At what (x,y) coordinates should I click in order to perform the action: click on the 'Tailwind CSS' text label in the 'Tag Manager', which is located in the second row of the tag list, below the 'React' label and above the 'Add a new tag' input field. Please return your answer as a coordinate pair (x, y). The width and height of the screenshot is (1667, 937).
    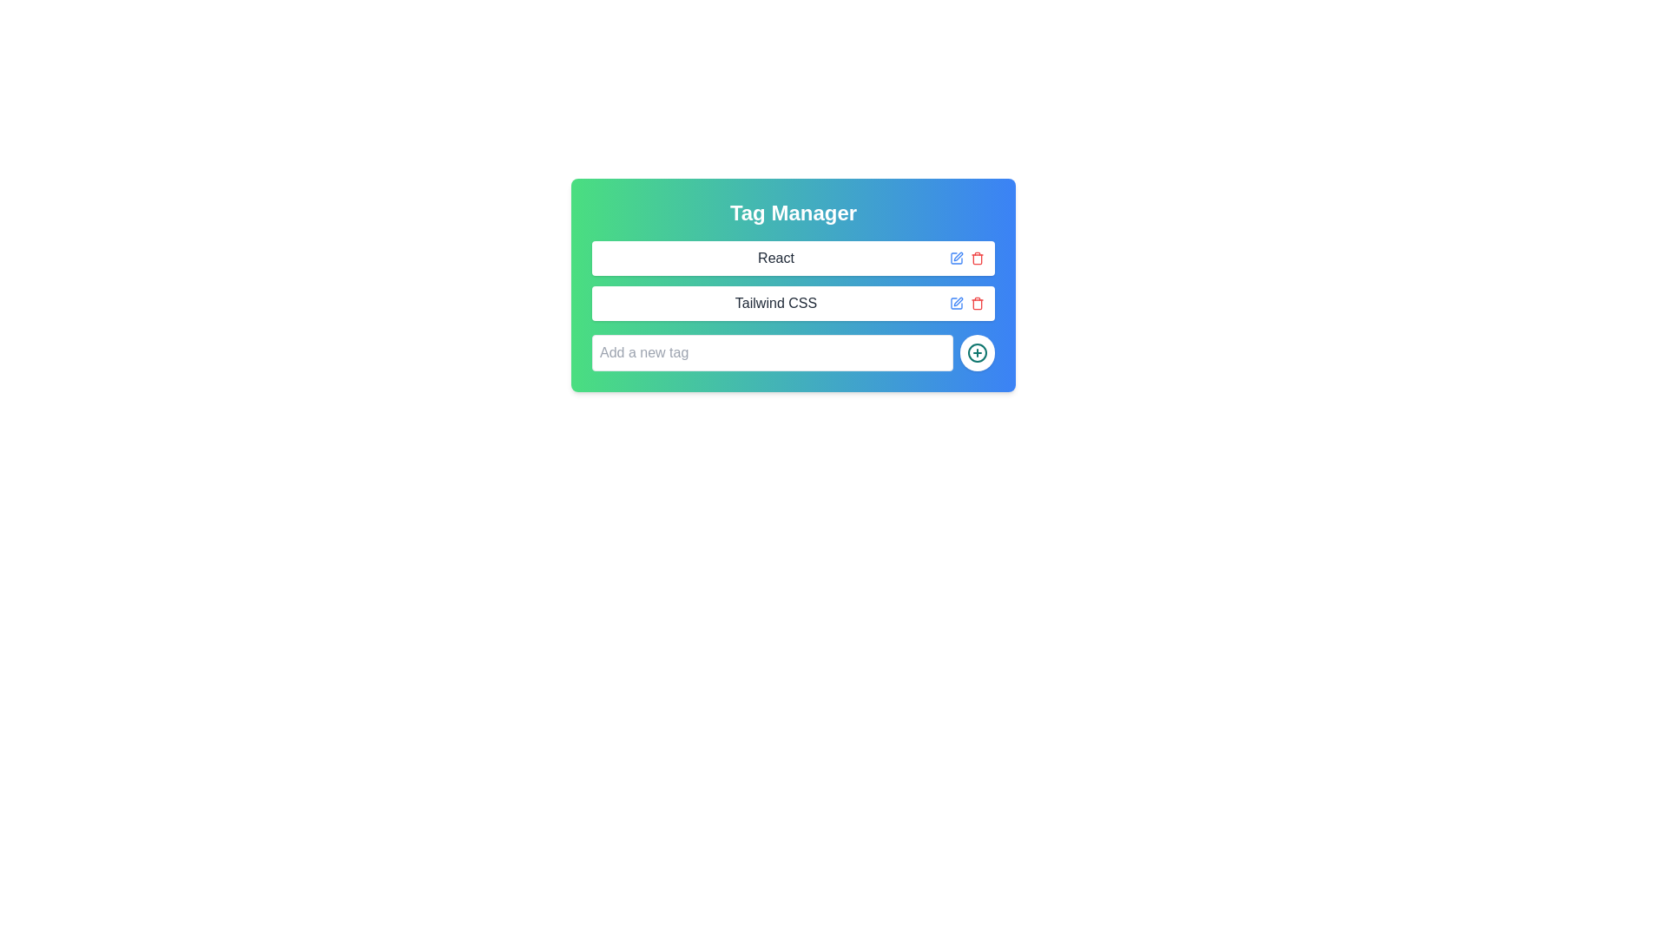
    Looking at the image, I should click on (774, 303).